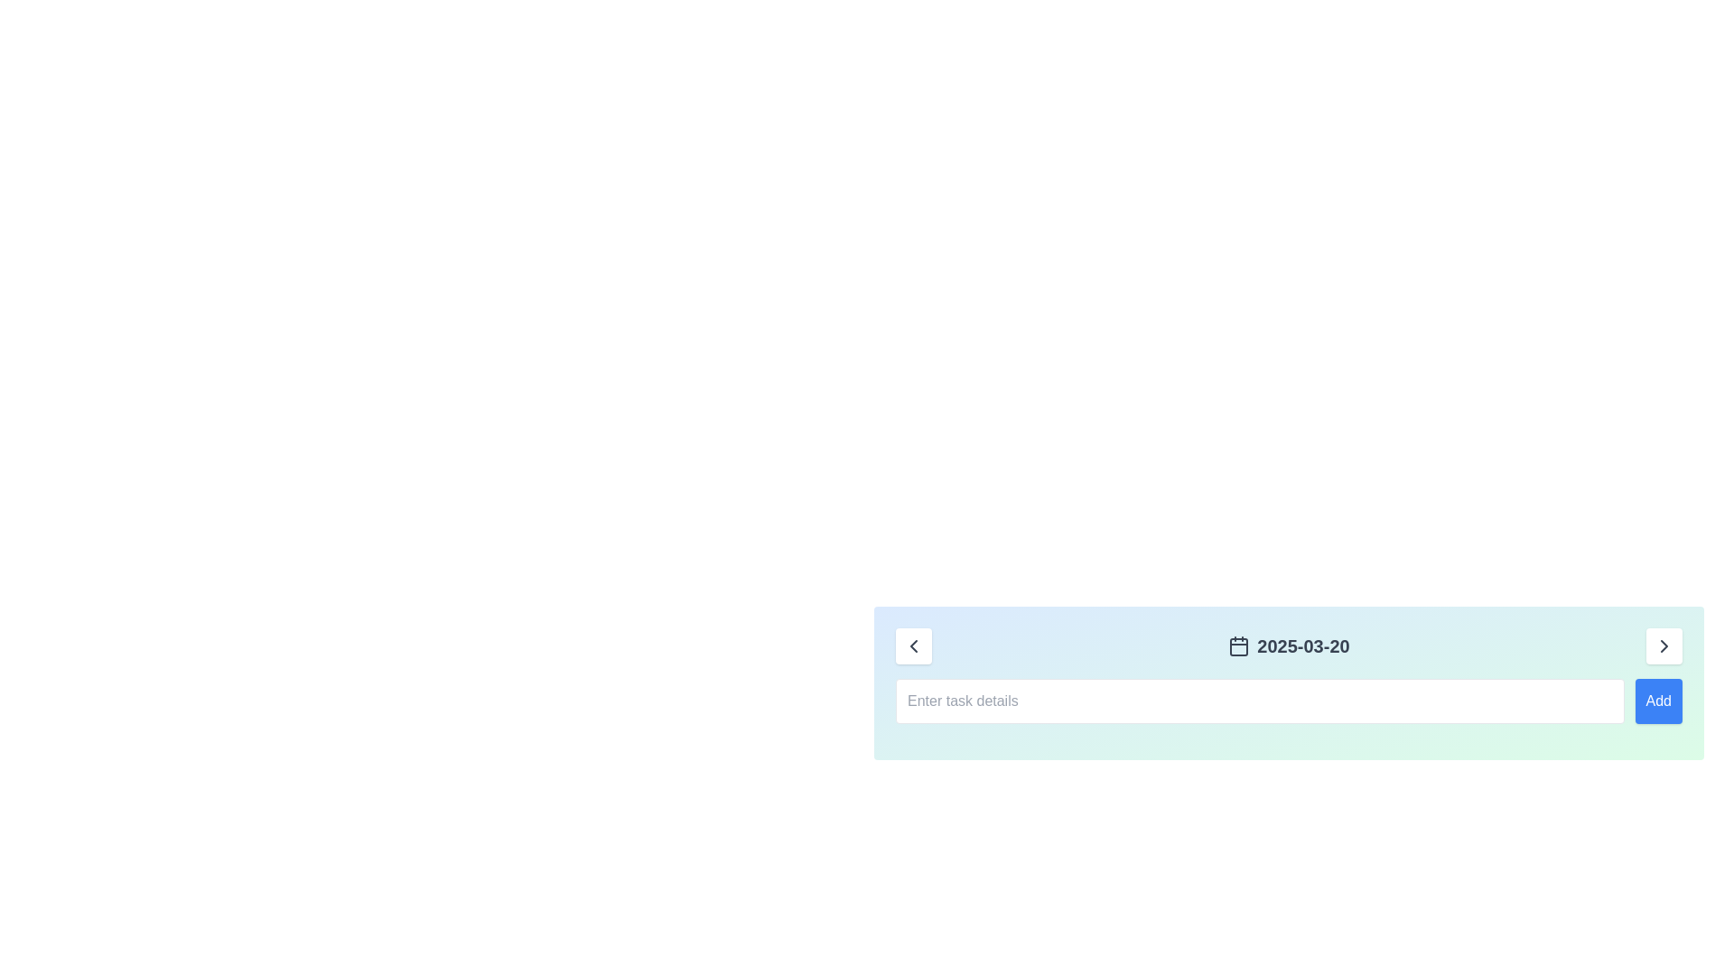 The height and width of the screenshot is (975, 1734). Describe the element at coordinates (1658, 700) in the screenshot. I see `the rectangular button with a blue background labeled 'Add'` at that location.